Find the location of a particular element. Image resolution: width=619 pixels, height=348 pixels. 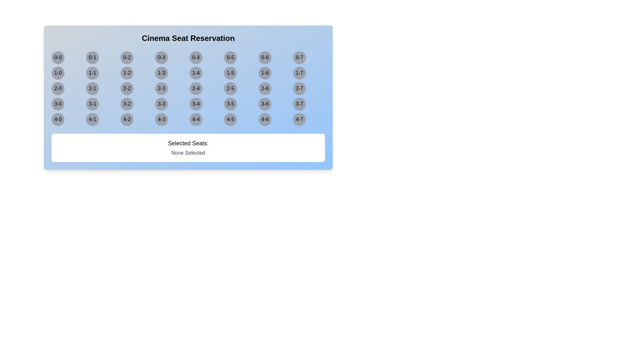

the circular button labeled '1-2' in the Cinema Seat Reservation grid is located at coordinates (127, 73).